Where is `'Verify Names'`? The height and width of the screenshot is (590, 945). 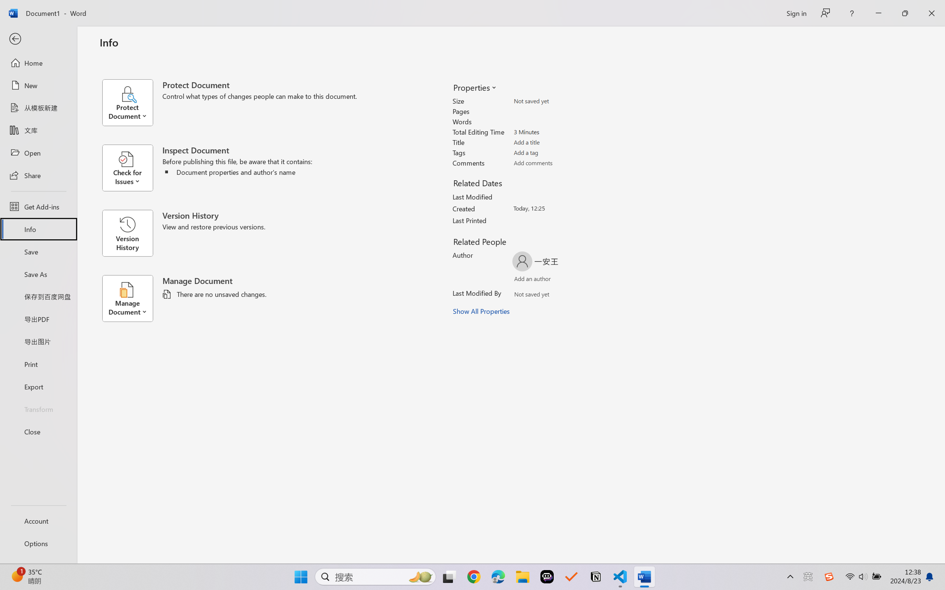
'Verify Names' is located at coordinates (545, 295).